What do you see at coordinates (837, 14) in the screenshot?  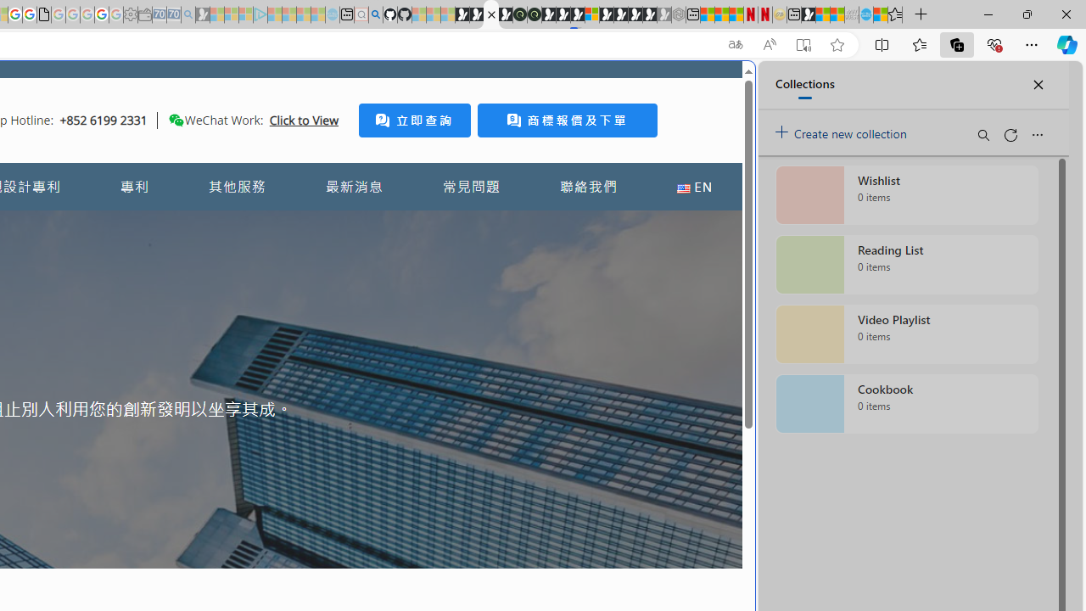 I see `'Earth has six continents not seven, radical new study claims'` at bounding box center [837, 14].